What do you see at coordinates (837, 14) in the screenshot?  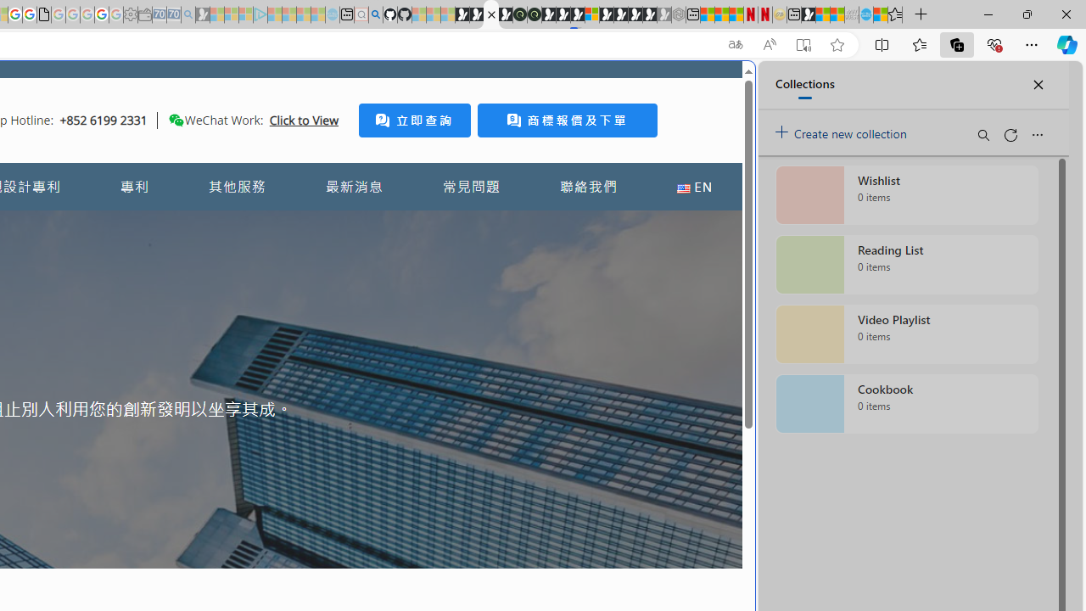 I see `'Earth has six continents not seven, radical new study claims'` at bounding box center [837, 14].